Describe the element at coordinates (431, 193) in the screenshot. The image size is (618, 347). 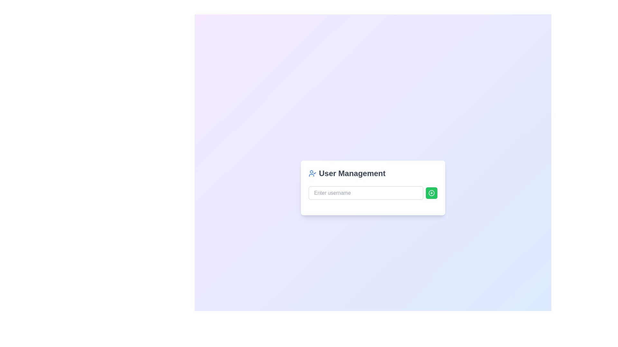
I see `the circular icon with a plus sign inside, which is embedded in a green button located to the right of the username input field` at that location.